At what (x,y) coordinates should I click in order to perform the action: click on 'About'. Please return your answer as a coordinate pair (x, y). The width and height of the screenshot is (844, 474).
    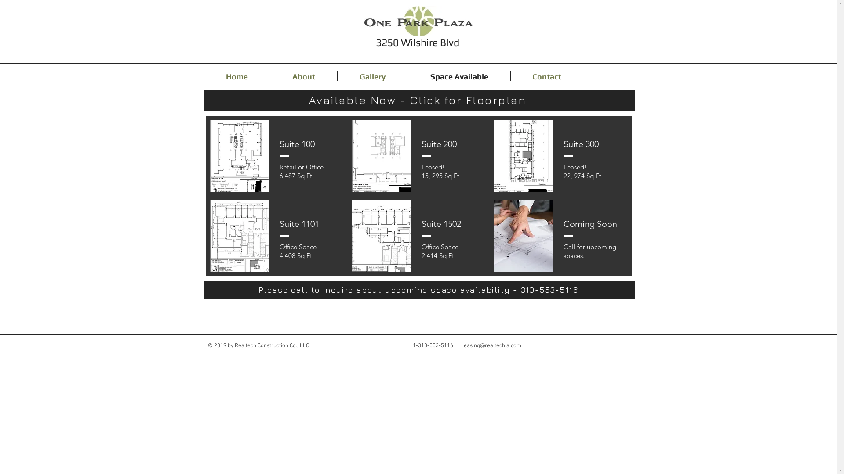
    Looking at the image, I should click on (269, 75).